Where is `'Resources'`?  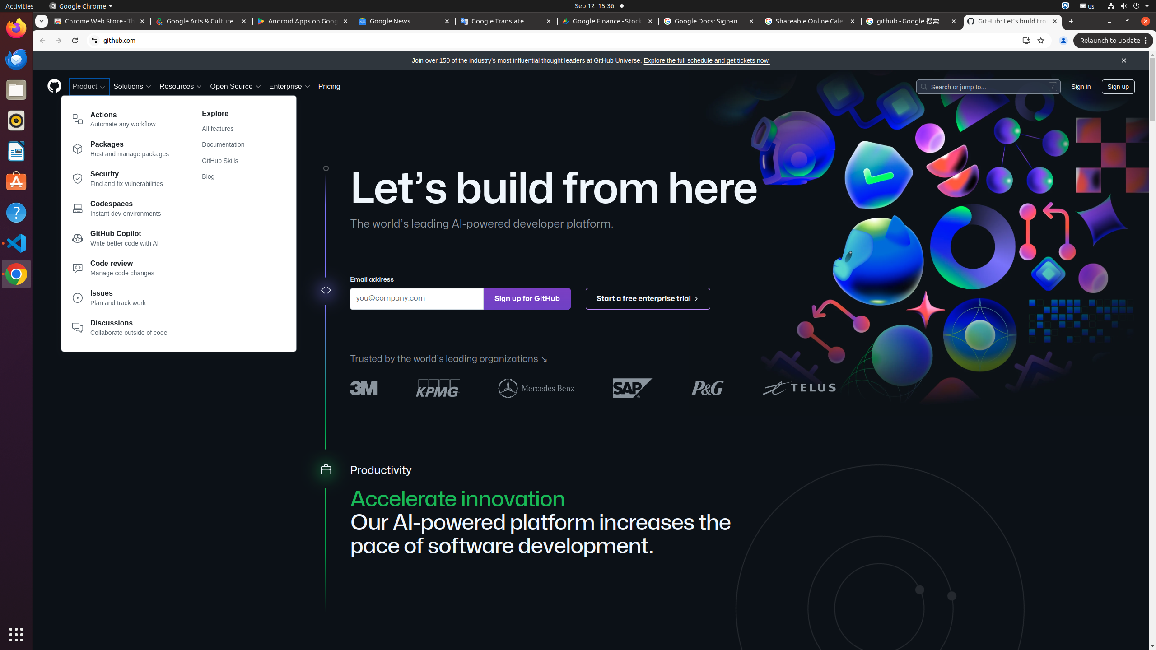 'Resources' is located at coordinates (180, 86).